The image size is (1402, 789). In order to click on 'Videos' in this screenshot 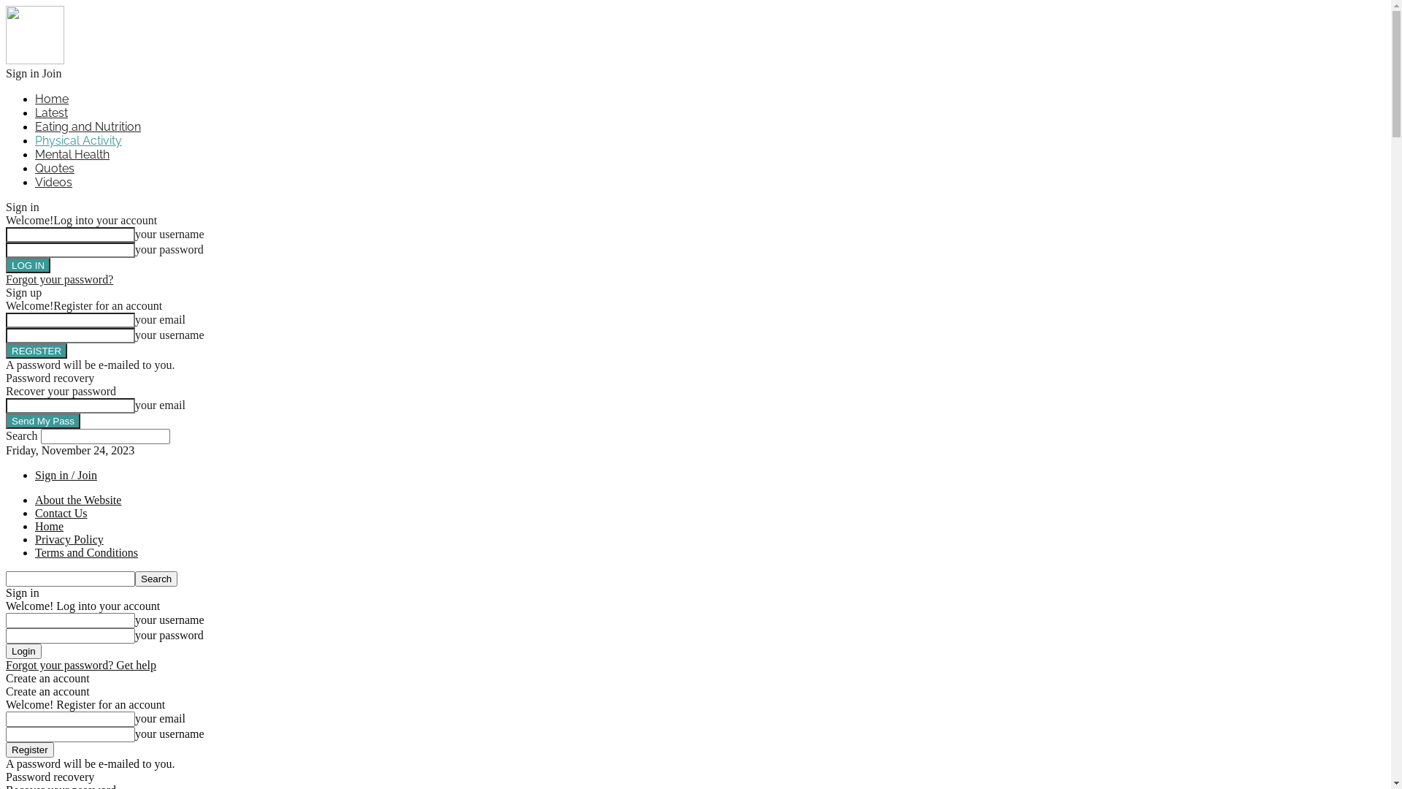, I will do `click(53, 181)`.